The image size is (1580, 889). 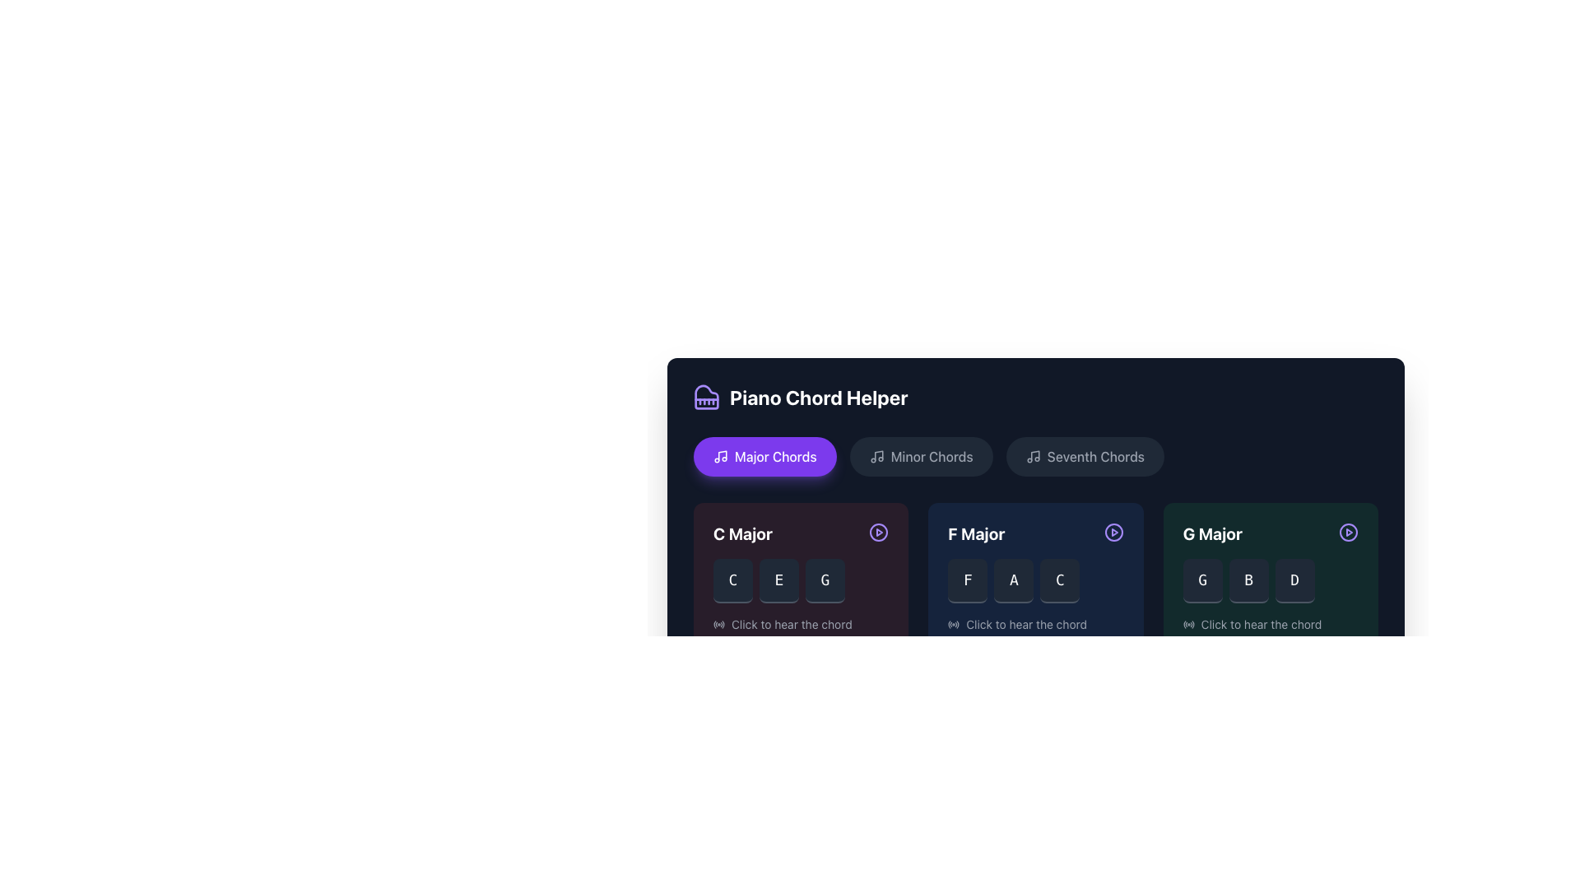 What do you see at coordinates (954, 625) in the screenshot?
I see `the interactive audio playback control icon, which is a small circular icon styled like a radio wave symbol` at bounding box center [954, 625].